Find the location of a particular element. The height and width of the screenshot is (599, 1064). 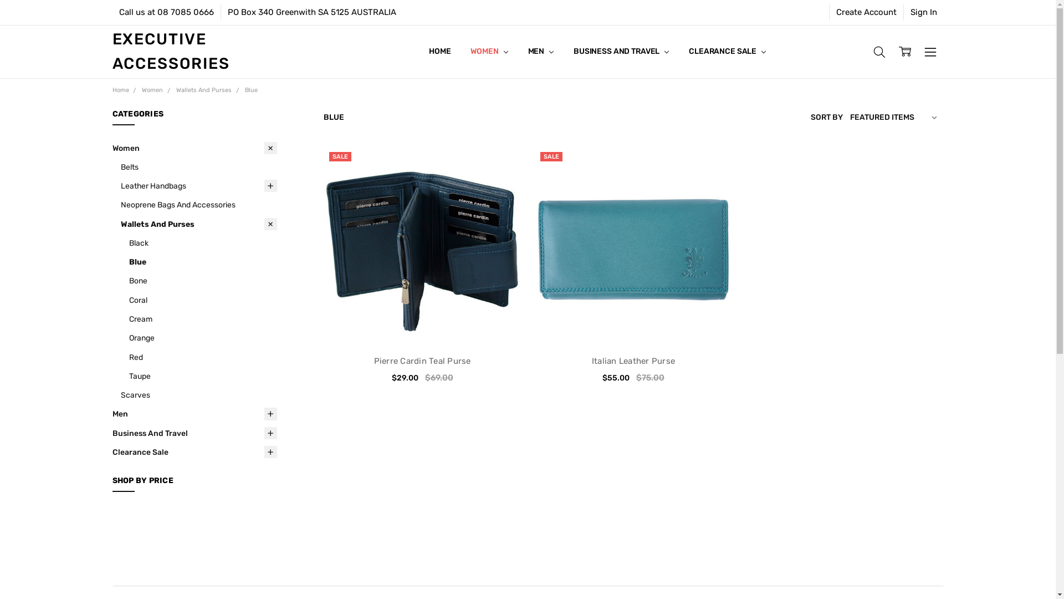

'Leather Handbags' is located at coordinates (199, 185).